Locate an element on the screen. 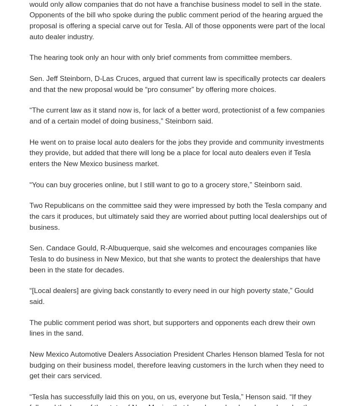  'Sen. Jeff Steinborn, D-Las Cruces, argued that current law is specifically protects car dealers and that the new proposal would be “pro consumer” by offering more choices.' is located at coordinates (177, 83).